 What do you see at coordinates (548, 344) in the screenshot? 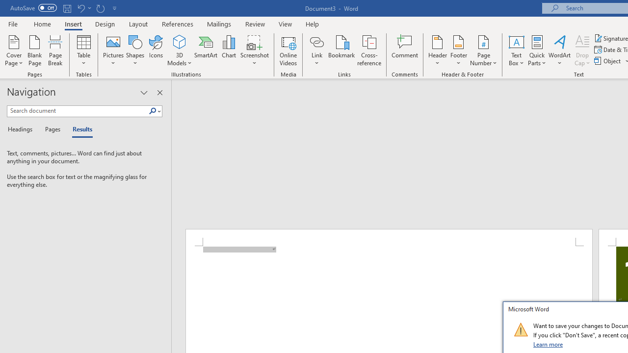
I see `'Learn more'` at bounding box center [548, 344].